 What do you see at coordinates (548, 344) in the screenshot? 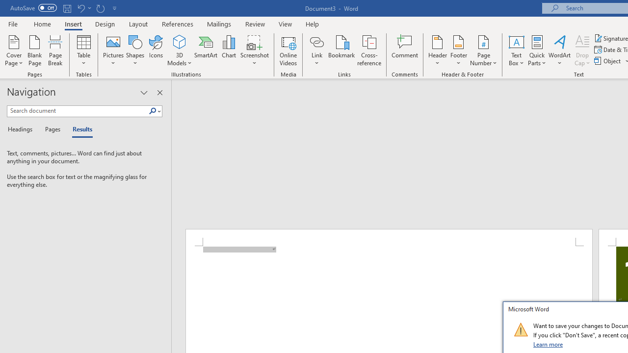
I see `'Learn more'` at bounding box center [548, 344].